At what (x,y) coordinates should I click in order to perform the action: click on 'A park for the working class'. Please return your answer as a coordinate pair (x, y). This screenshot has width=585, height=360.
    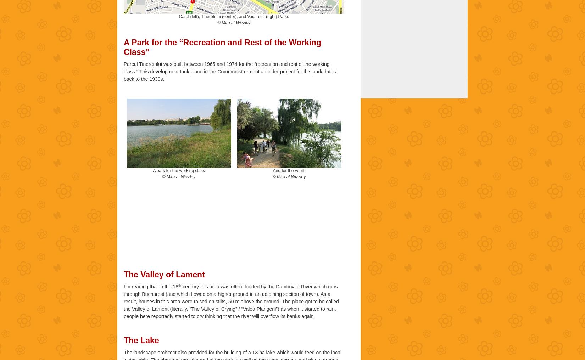
    Looking at the image, I should click on (152, 170).